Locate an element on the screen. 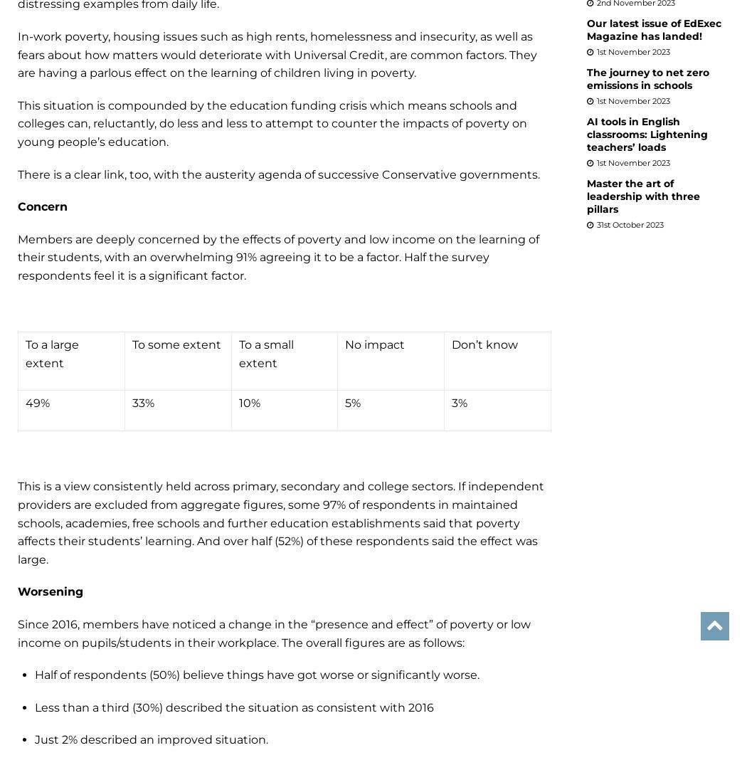 This screenshot has height=765, width=747. '33%' is located at coordinates (132, 403).